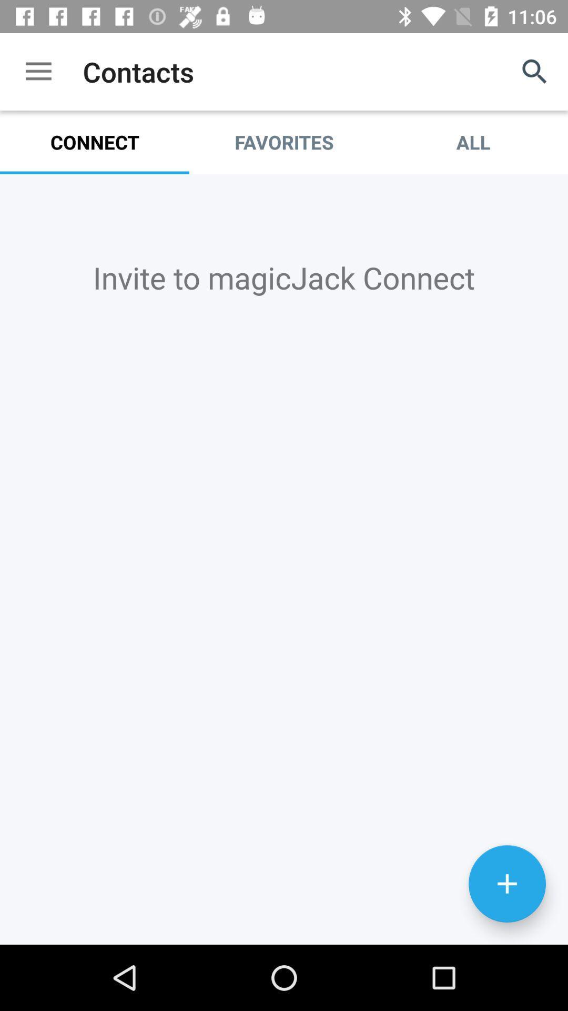 This screenshot has width=568, height=1011. Describe the element at coordinates (284, 142) in the screenshot. I see `the icon below contacts` at that location.